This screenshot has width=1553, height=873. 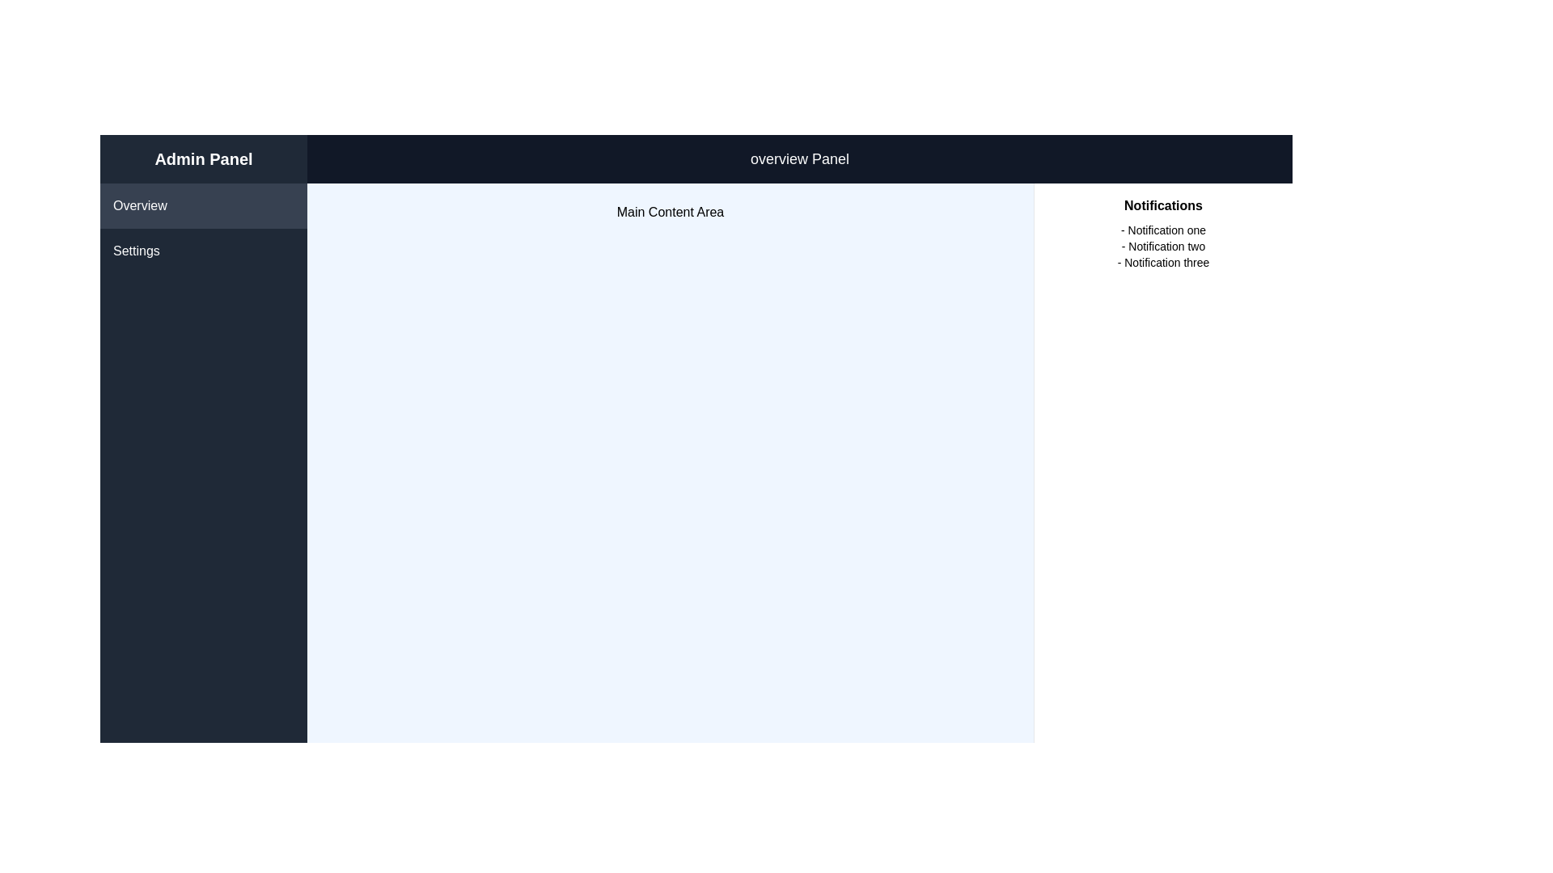 I want to click on notifications displayed in the text block located in the right sidebar under the title 'Notifications', so click(x=1162, y=246).